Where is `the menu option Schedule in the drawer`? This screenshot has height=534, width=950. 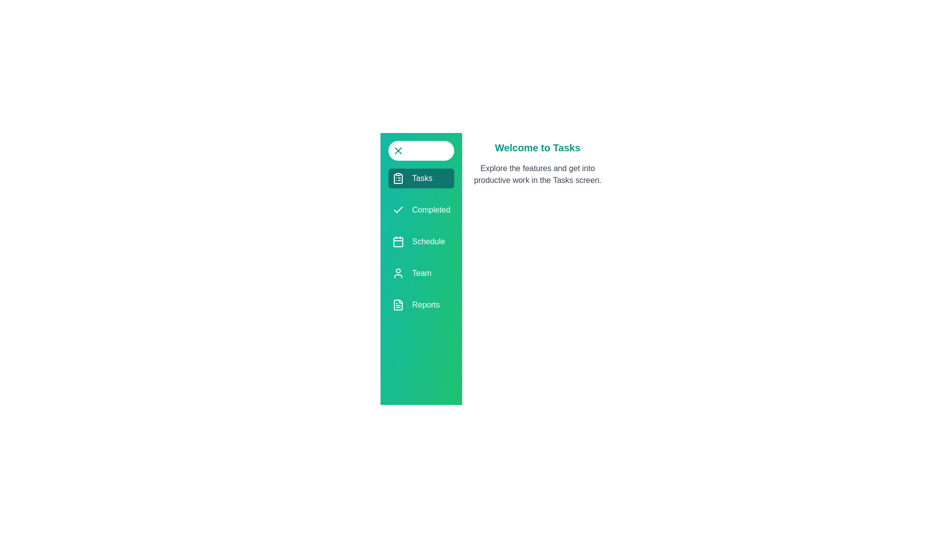
the menu option Schedule in the drawer is located at coordinates (421, 242).